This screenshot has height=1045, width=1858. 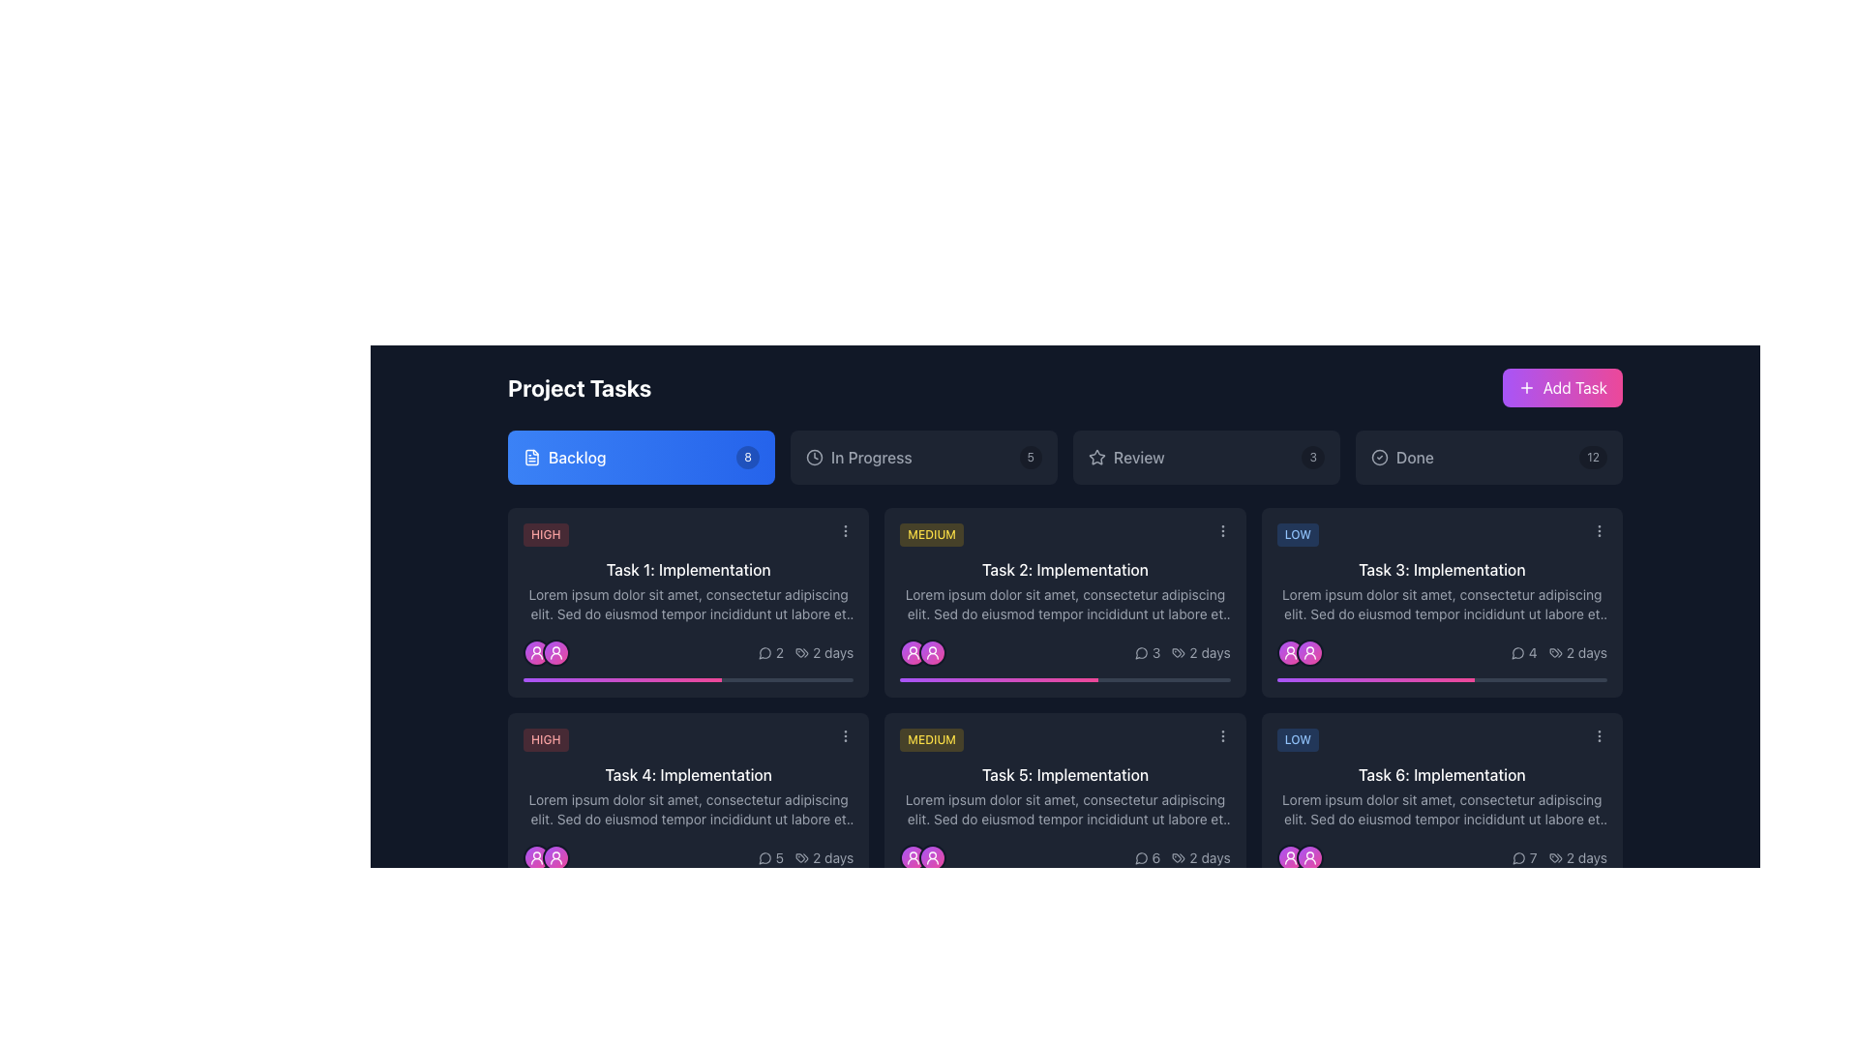 What do you see at coordinates (688, 810) in the screenshot?
I see `the descriptive text area for 'Task 4: Implementation' which is positioned below the title and above the task details section in the task grid` at bounding box center [688, 810].